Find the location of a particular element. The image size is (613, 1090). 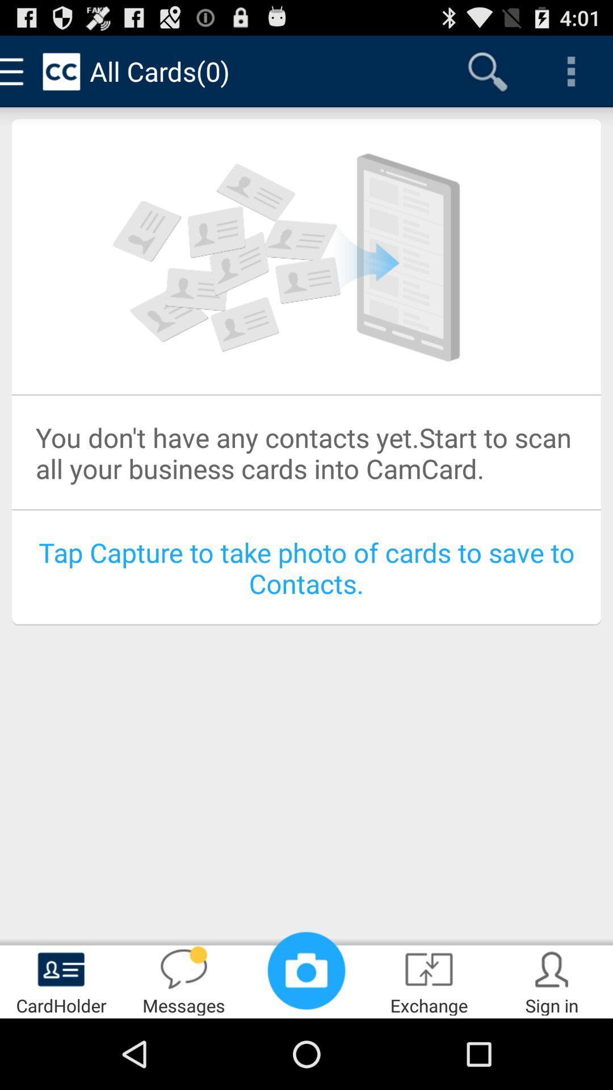

the photo icon is located at coordinates (306, 1039).